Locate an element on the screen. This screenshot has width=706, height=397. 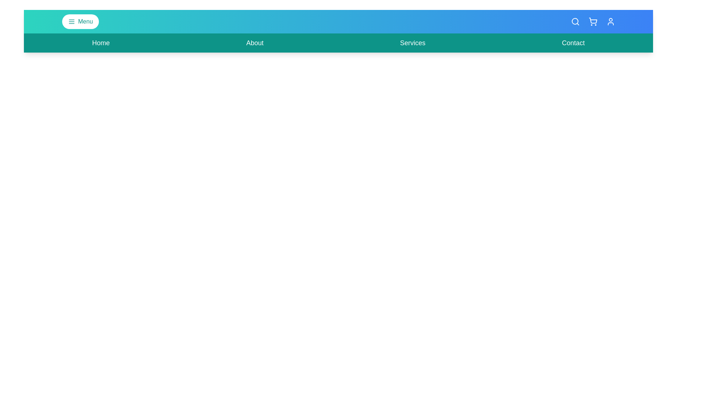
the 'Home' navigation link is located at coordinates (100, 43).